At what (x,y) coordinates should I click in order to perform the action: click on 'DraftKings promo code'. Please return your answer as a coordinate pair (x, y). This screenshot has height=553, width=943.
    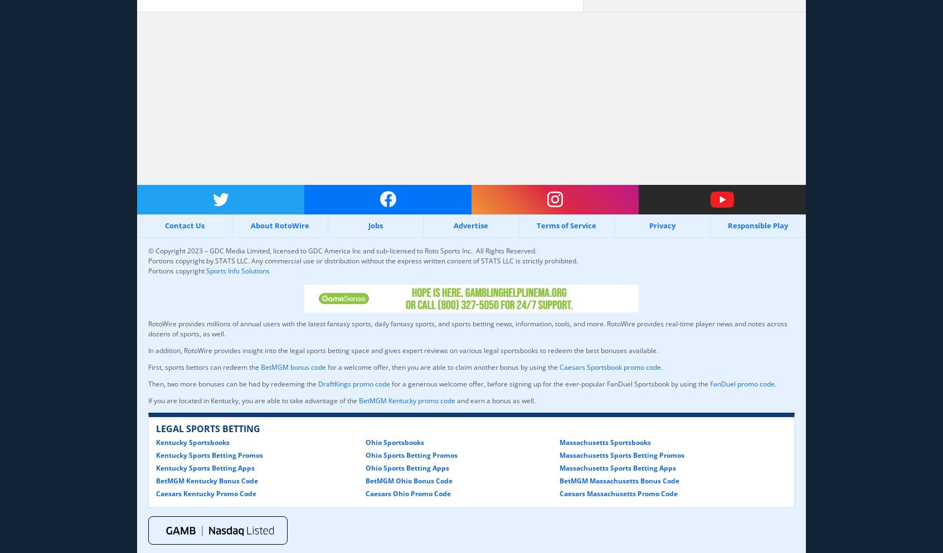
    Looking at the image, I should click on (353, 383).